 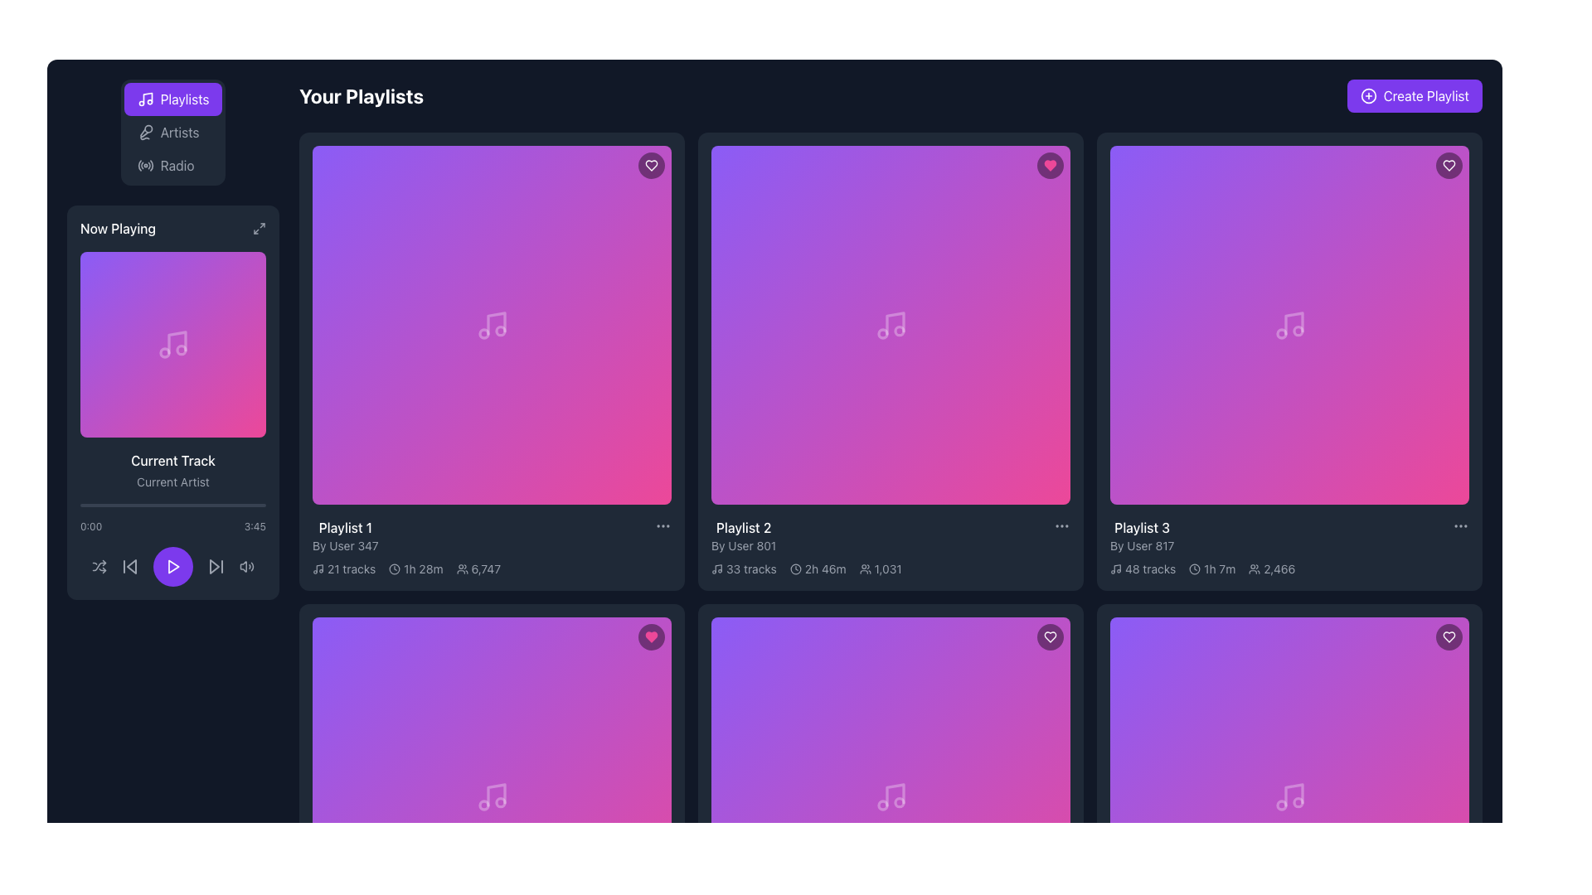 I want to click on the heart-shaped icon with a simplistic outline design located in the top-right corner of the first playlist box in the 'Your Playlists' section, so click(x=651, y=166).